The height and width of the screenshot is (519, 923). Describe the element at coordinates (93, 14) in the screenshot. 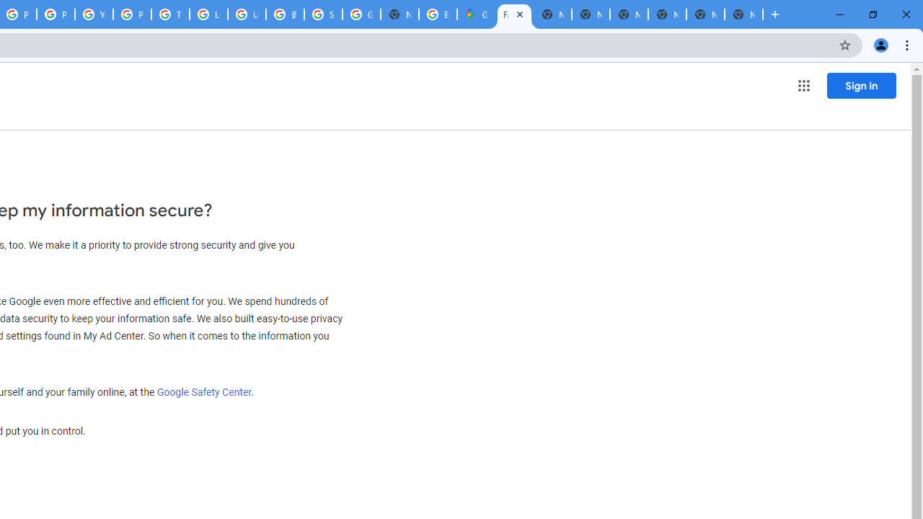

I see `'YouTube'` at that location.